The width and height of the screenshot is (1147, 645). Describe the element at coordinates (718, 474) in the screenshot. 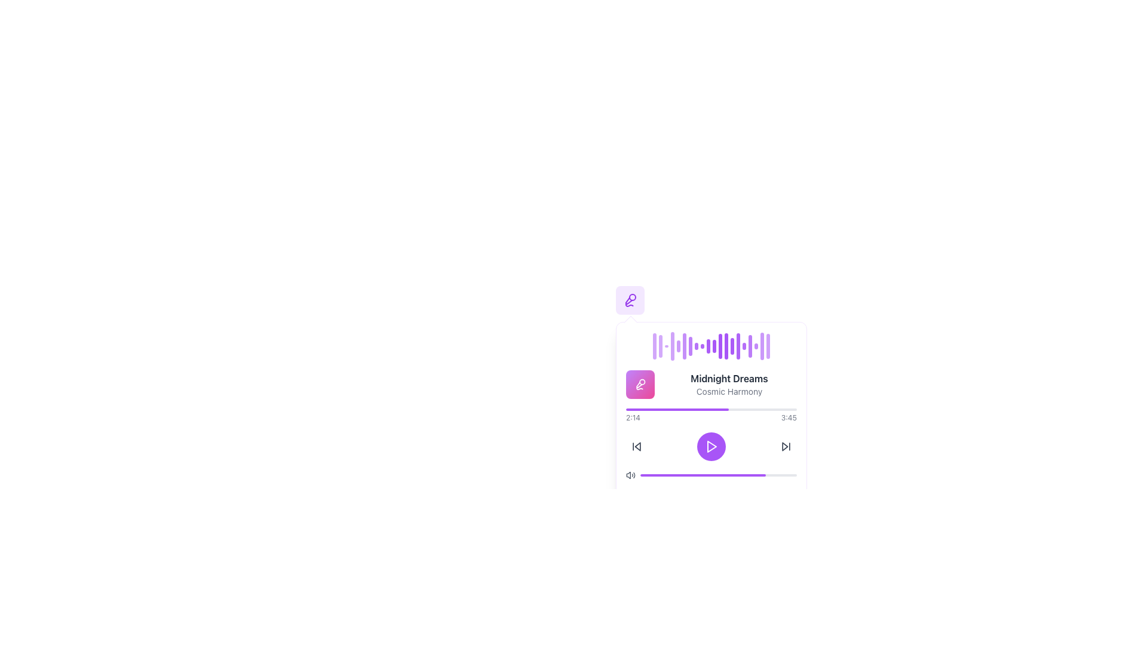

I see `the purple foreground section of the progress bar located near the bottom of the audio player interface` at that location.